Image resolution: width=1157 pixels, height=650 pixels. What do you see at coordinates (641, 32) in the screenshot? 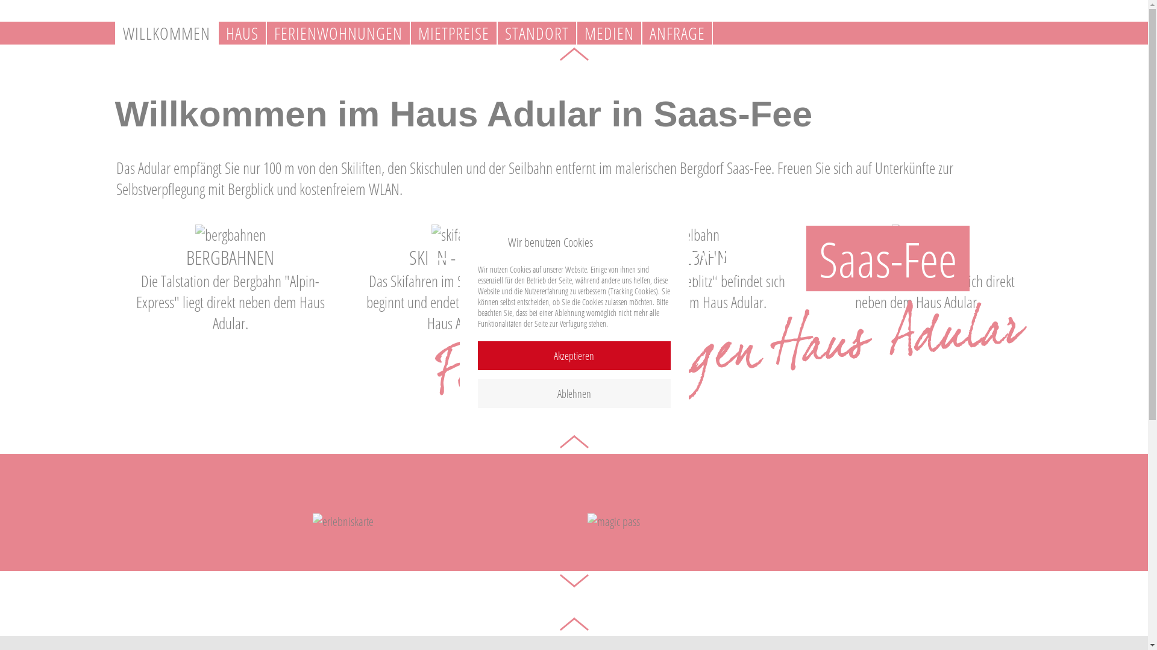
I see `'ANFRAGE'` at bounding box center [641, 32].